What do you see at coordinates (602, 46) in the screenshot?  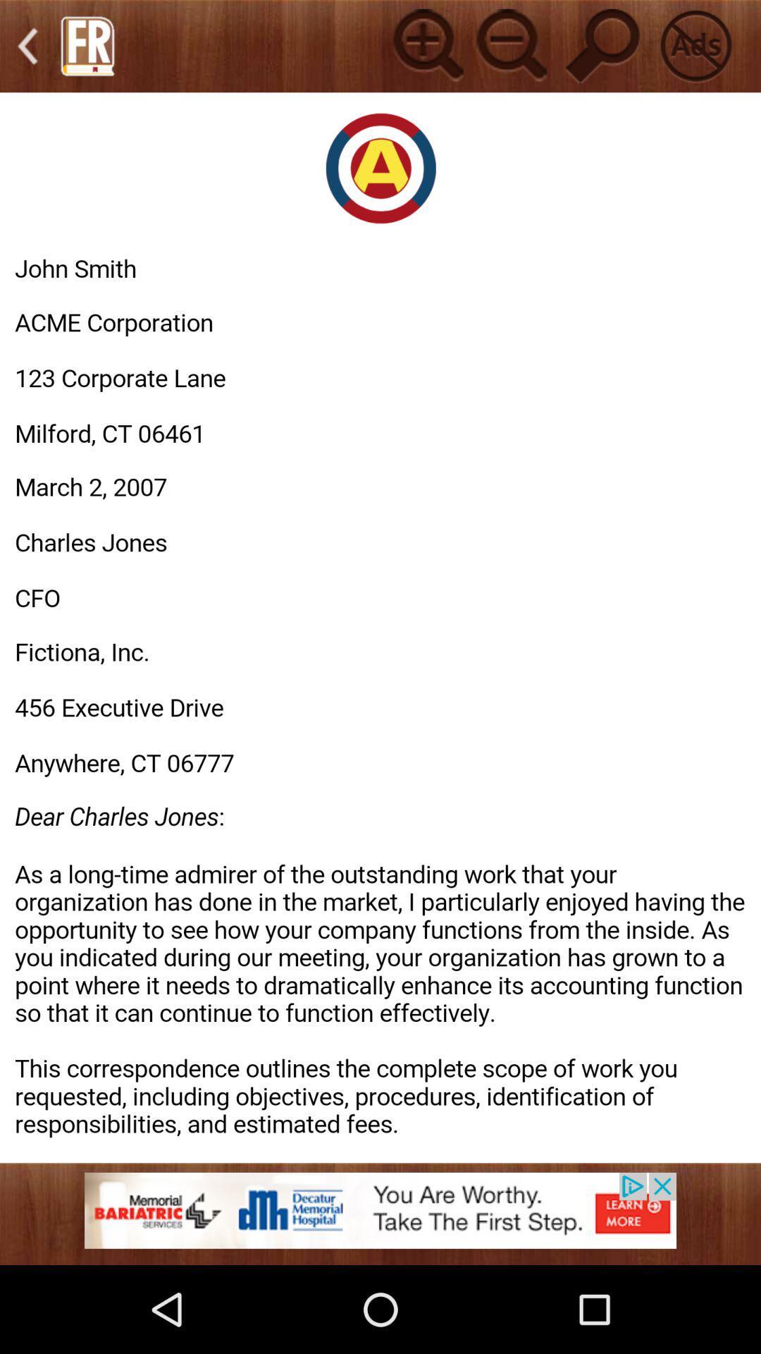 I see `switch to search` at bounding box center [602, 46].